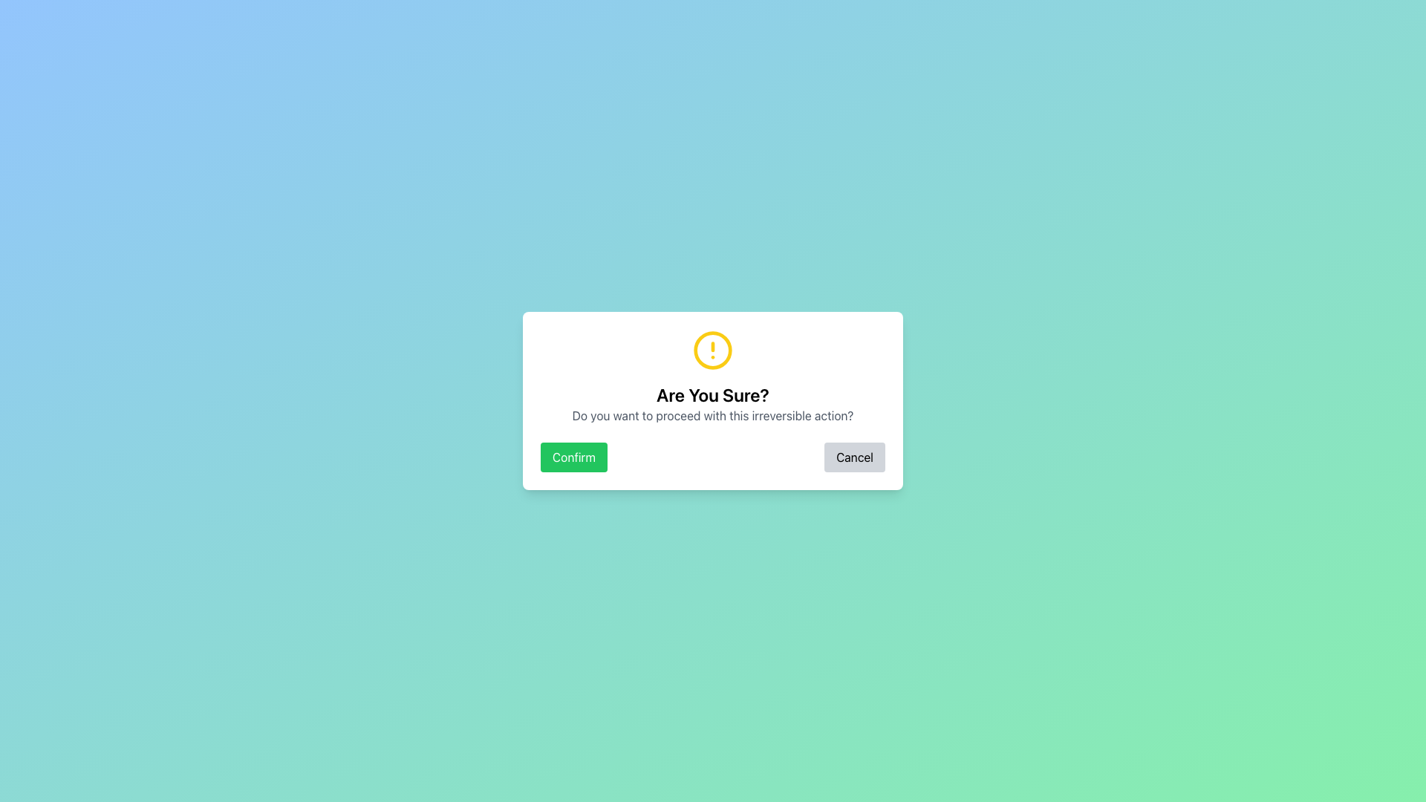  Describe the element at coordinates (855, 457) in the screenshot. I see `the 'Cancel' button located in the bottom-right corner of the modal dialog box` at that location.